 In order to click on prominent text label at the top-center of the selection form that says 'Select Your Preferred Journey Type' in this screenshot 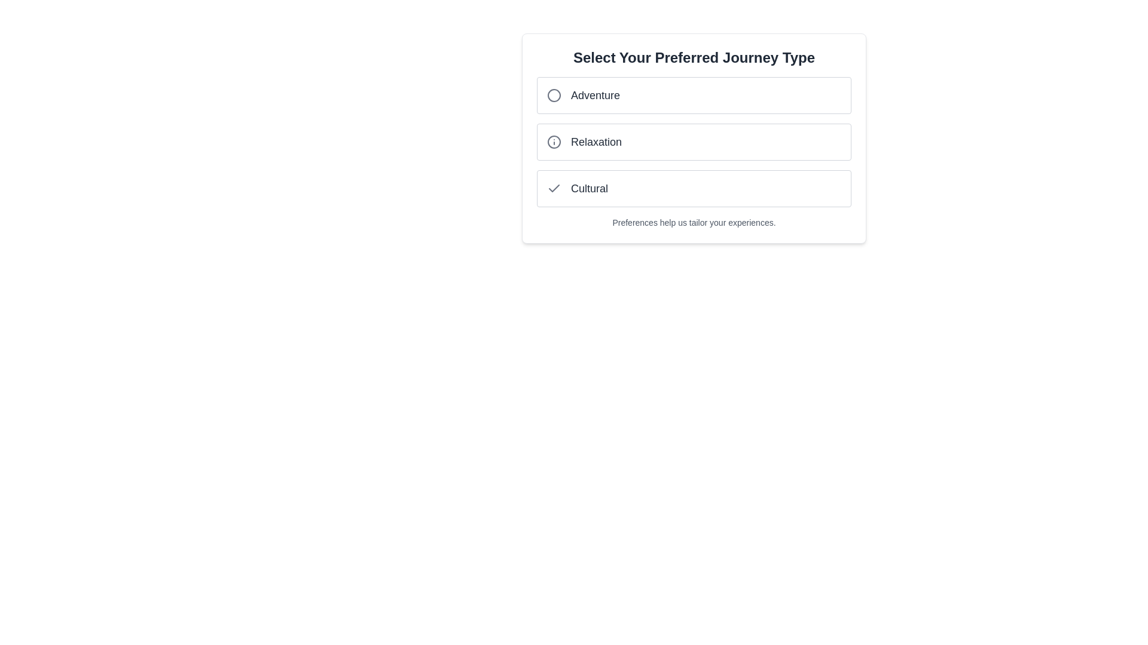, I will do `click(694, 57)`.